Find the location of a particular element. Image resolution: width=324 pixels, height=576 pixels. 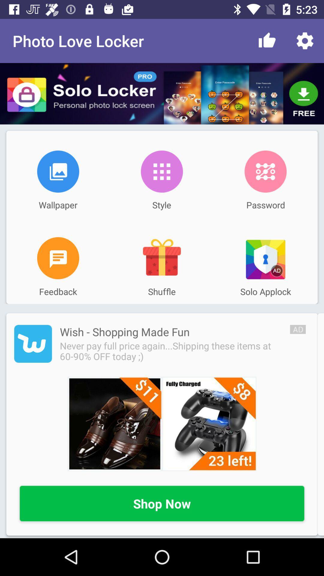

open wallpaper is located at coordinates (58, 171).